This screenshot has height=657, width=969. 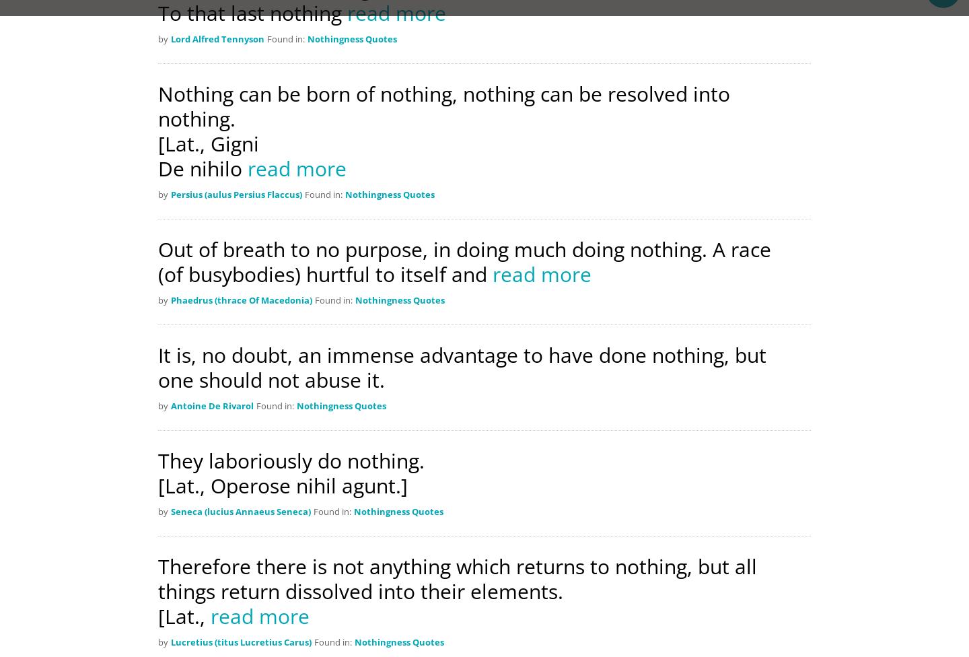 I want to click on 'Out of breath to no purpose, in doing much doing nothing. A race', so click(x=158, y=248).